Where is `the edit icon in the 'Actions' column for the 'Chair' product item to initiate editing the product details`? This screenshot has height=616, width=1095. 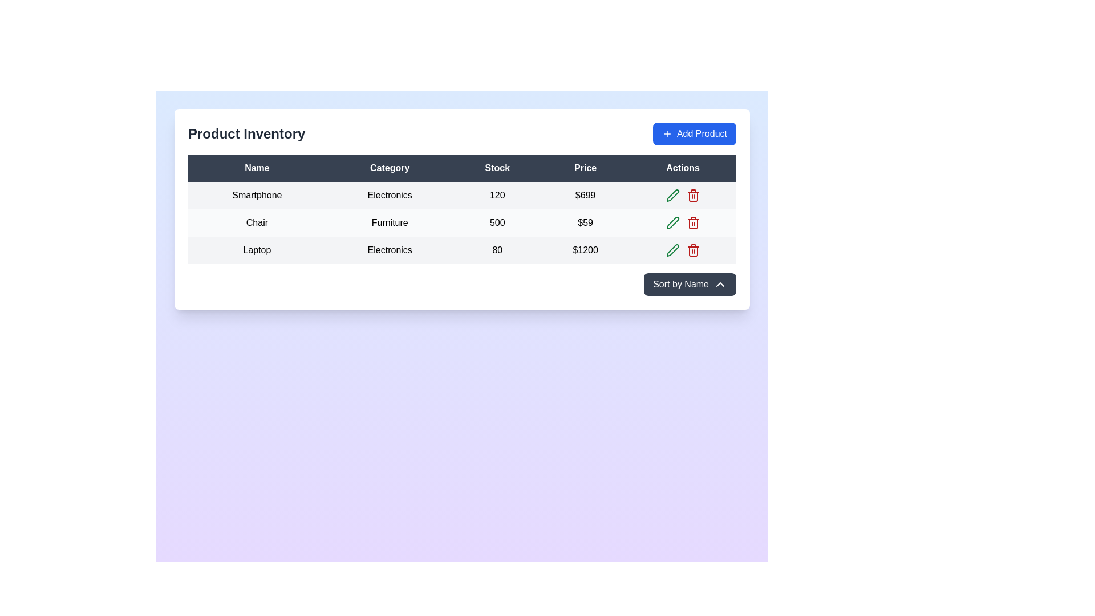 the edit icon in the 'Actions' column for the 'Chair' product item to initiate editing the product details is located at coordinates (672, 195).